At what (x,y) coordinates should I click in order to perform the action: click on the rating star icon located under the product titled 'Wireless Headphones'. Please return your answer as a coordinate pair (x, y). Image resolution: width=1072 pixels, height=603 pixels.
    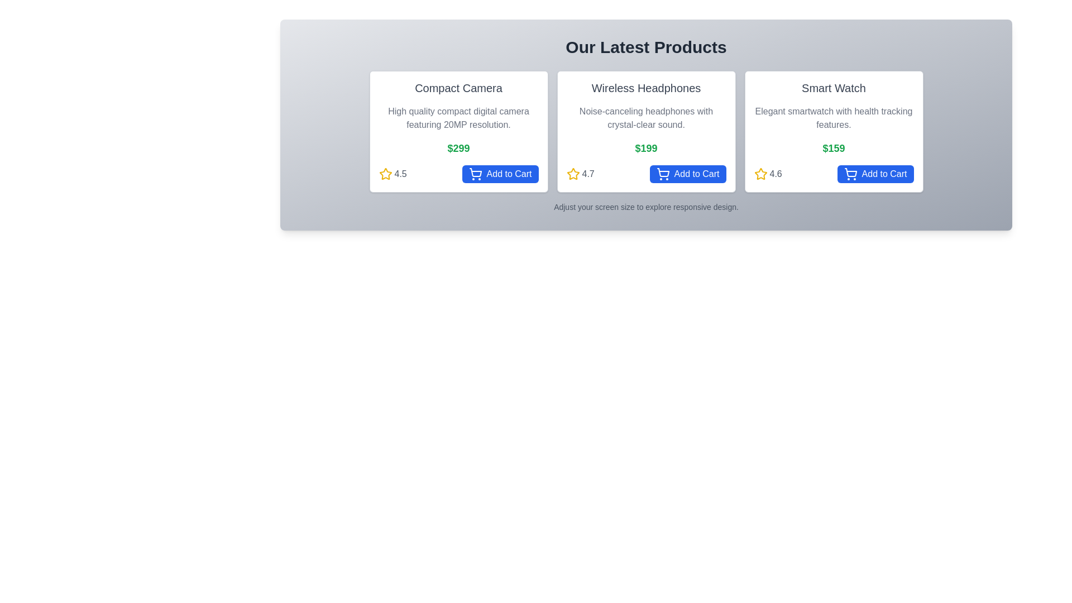
    Looking at the image, I should click on (573, 174).